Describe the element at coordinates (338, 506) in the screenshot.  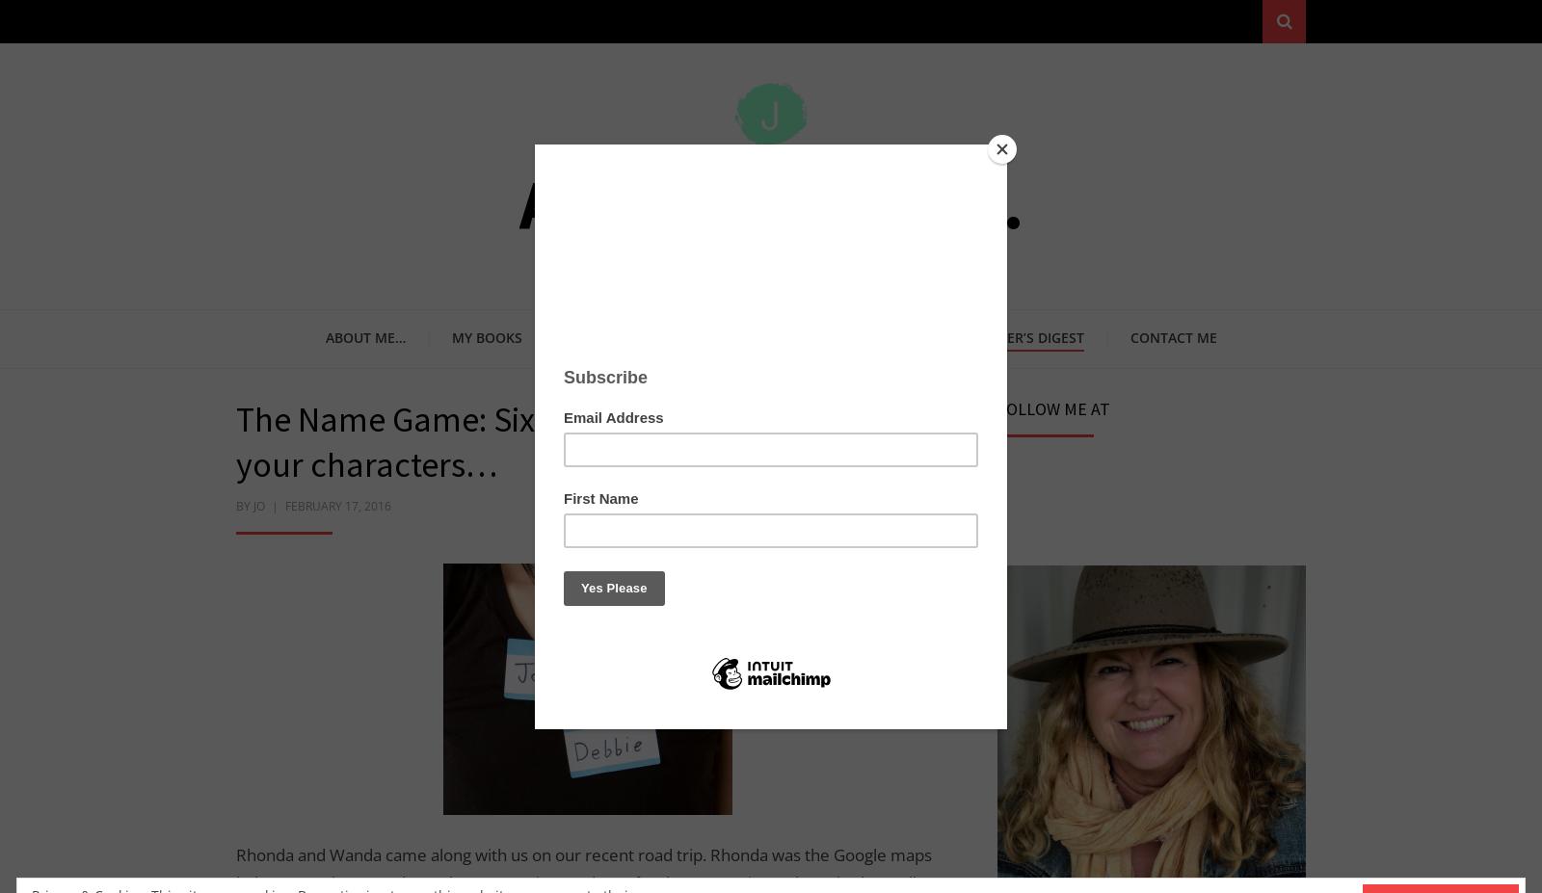
I see `'February 17, 2016'` at that location.